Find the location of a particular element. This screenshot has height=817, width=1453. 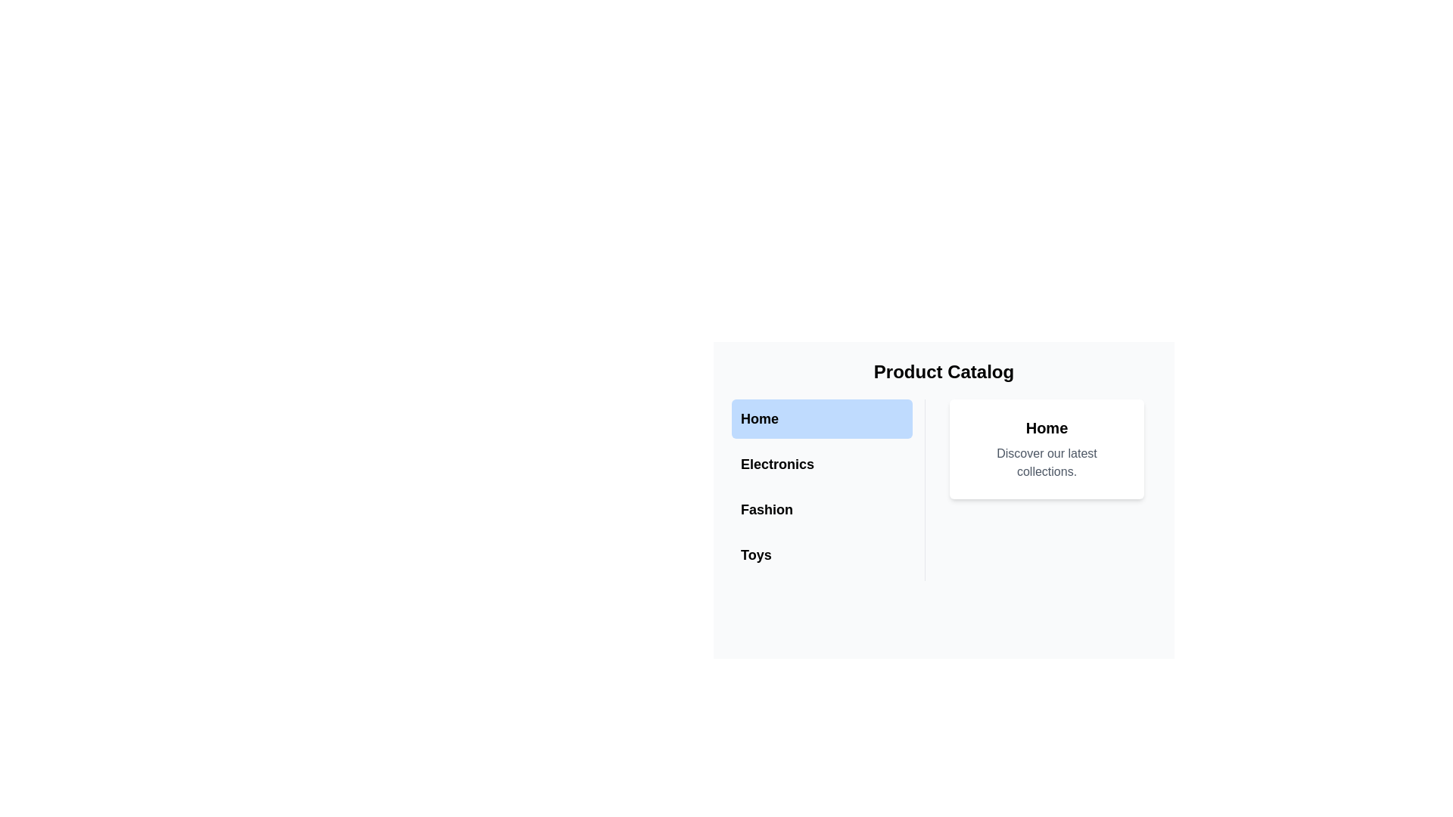

the 'Electronics' button in the vertical list of interactive options is located at coordinates (827, 490).